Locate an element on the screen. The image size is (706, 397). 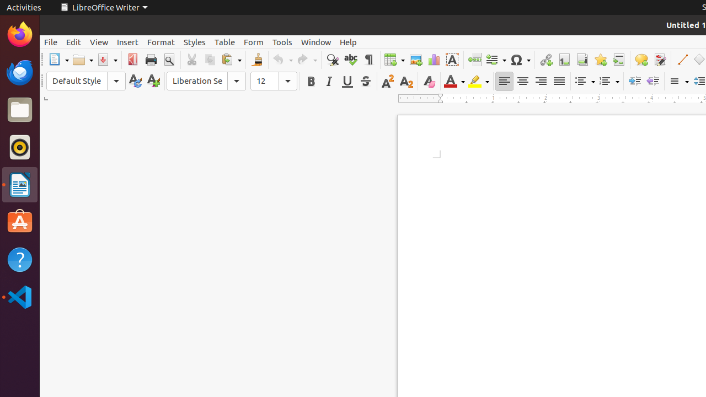
'View' is located at coordinates (99, 41).